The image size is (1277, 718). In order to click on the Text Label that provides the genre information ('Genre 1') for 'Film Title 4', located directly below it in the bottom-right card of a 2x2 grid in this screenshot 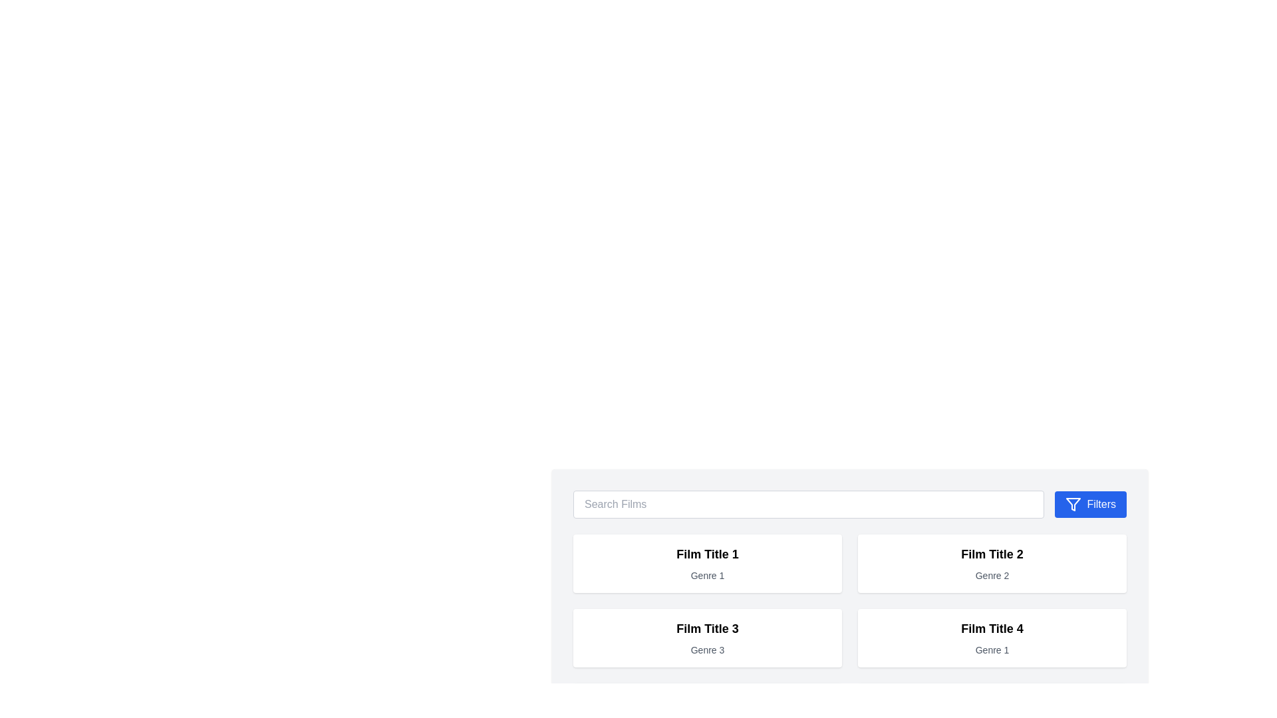, I will do `click(992, 650)`.